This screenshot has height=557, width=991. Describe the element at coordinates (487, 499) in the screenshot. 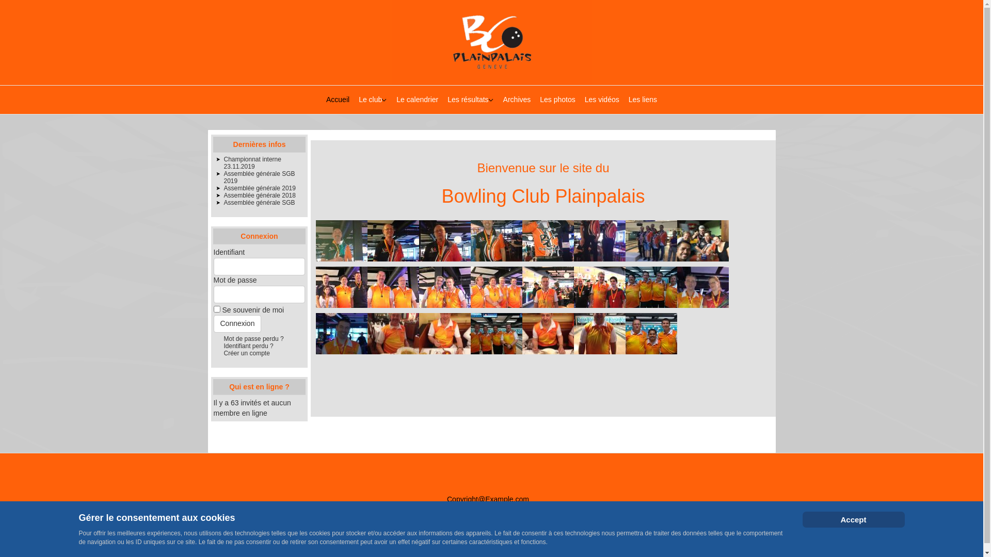

I see `'Copyright@Example.com'` at that location.